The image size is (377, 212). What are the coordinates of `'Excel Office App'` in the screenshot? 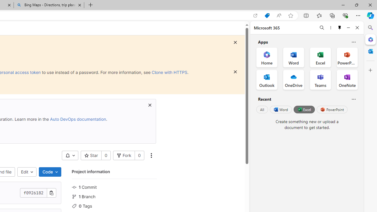 It's located at (320, 57).